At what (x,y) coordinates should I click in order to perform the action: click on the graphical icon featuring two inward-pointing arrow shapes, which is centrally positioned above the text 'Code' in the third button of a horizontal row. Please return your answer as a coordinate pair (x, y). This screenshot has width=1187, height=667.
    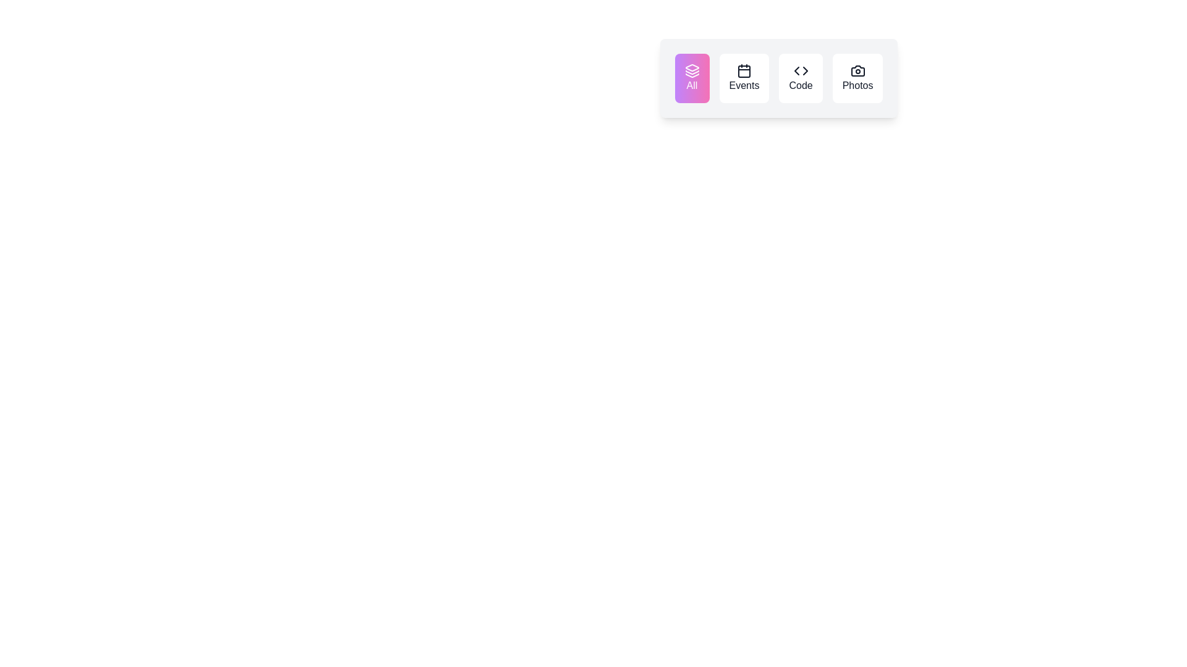
    Looking at the image, I should click on (801, 71).